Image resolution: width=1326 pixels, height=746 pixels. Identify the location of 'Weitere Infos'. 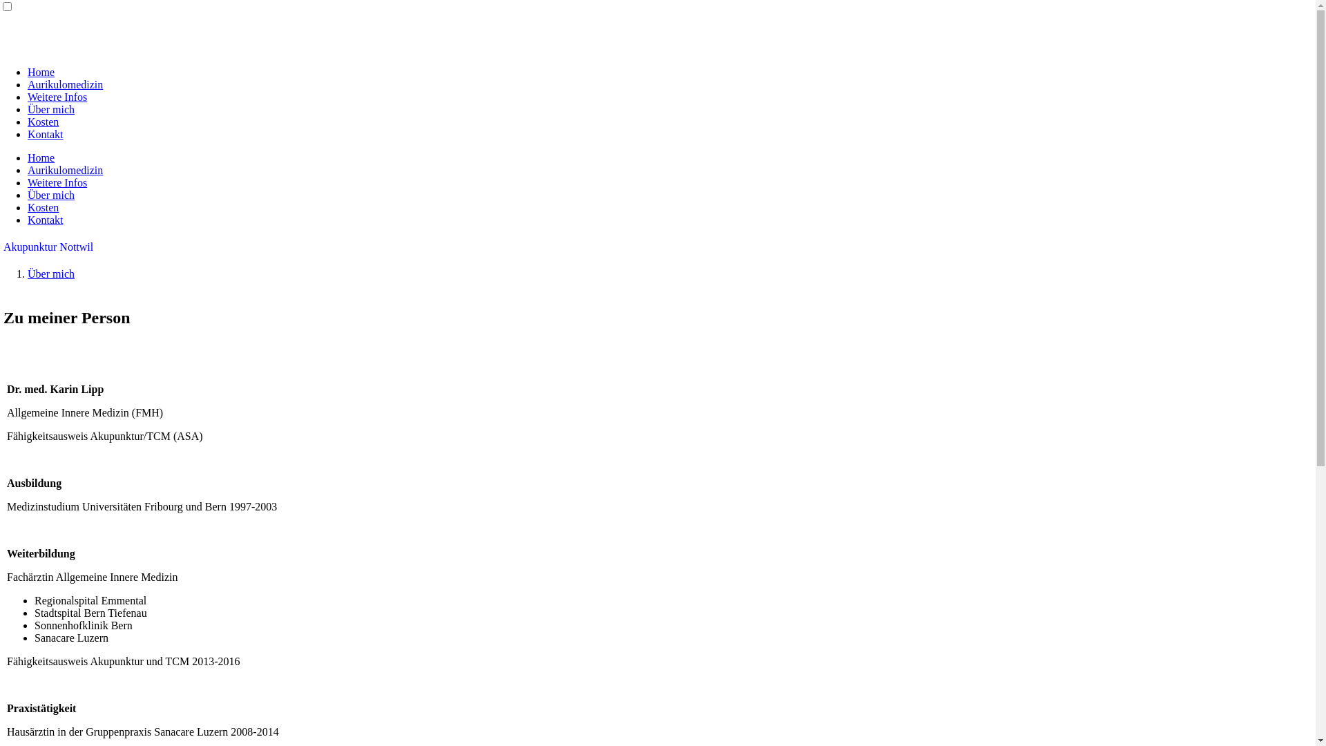
(56, 96).